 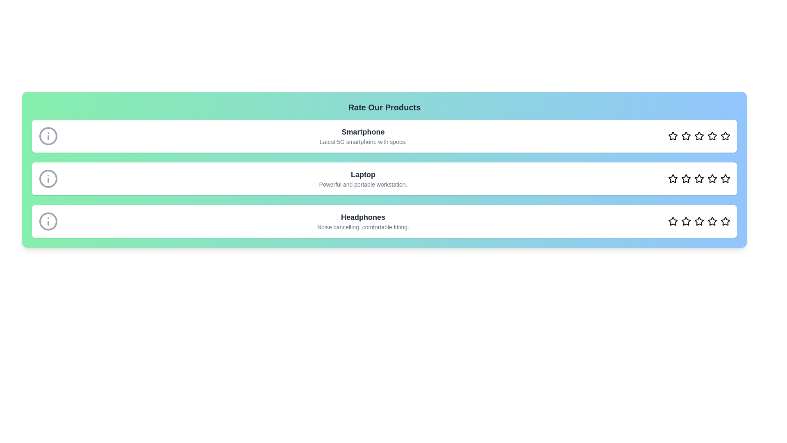 What do you see at coordinates (698, 221) in the screenshot?
I see `the fourth star icon in the rating interface to rate the 'Headphones' product with a value of four out of five` at bounding box center [698, 221].